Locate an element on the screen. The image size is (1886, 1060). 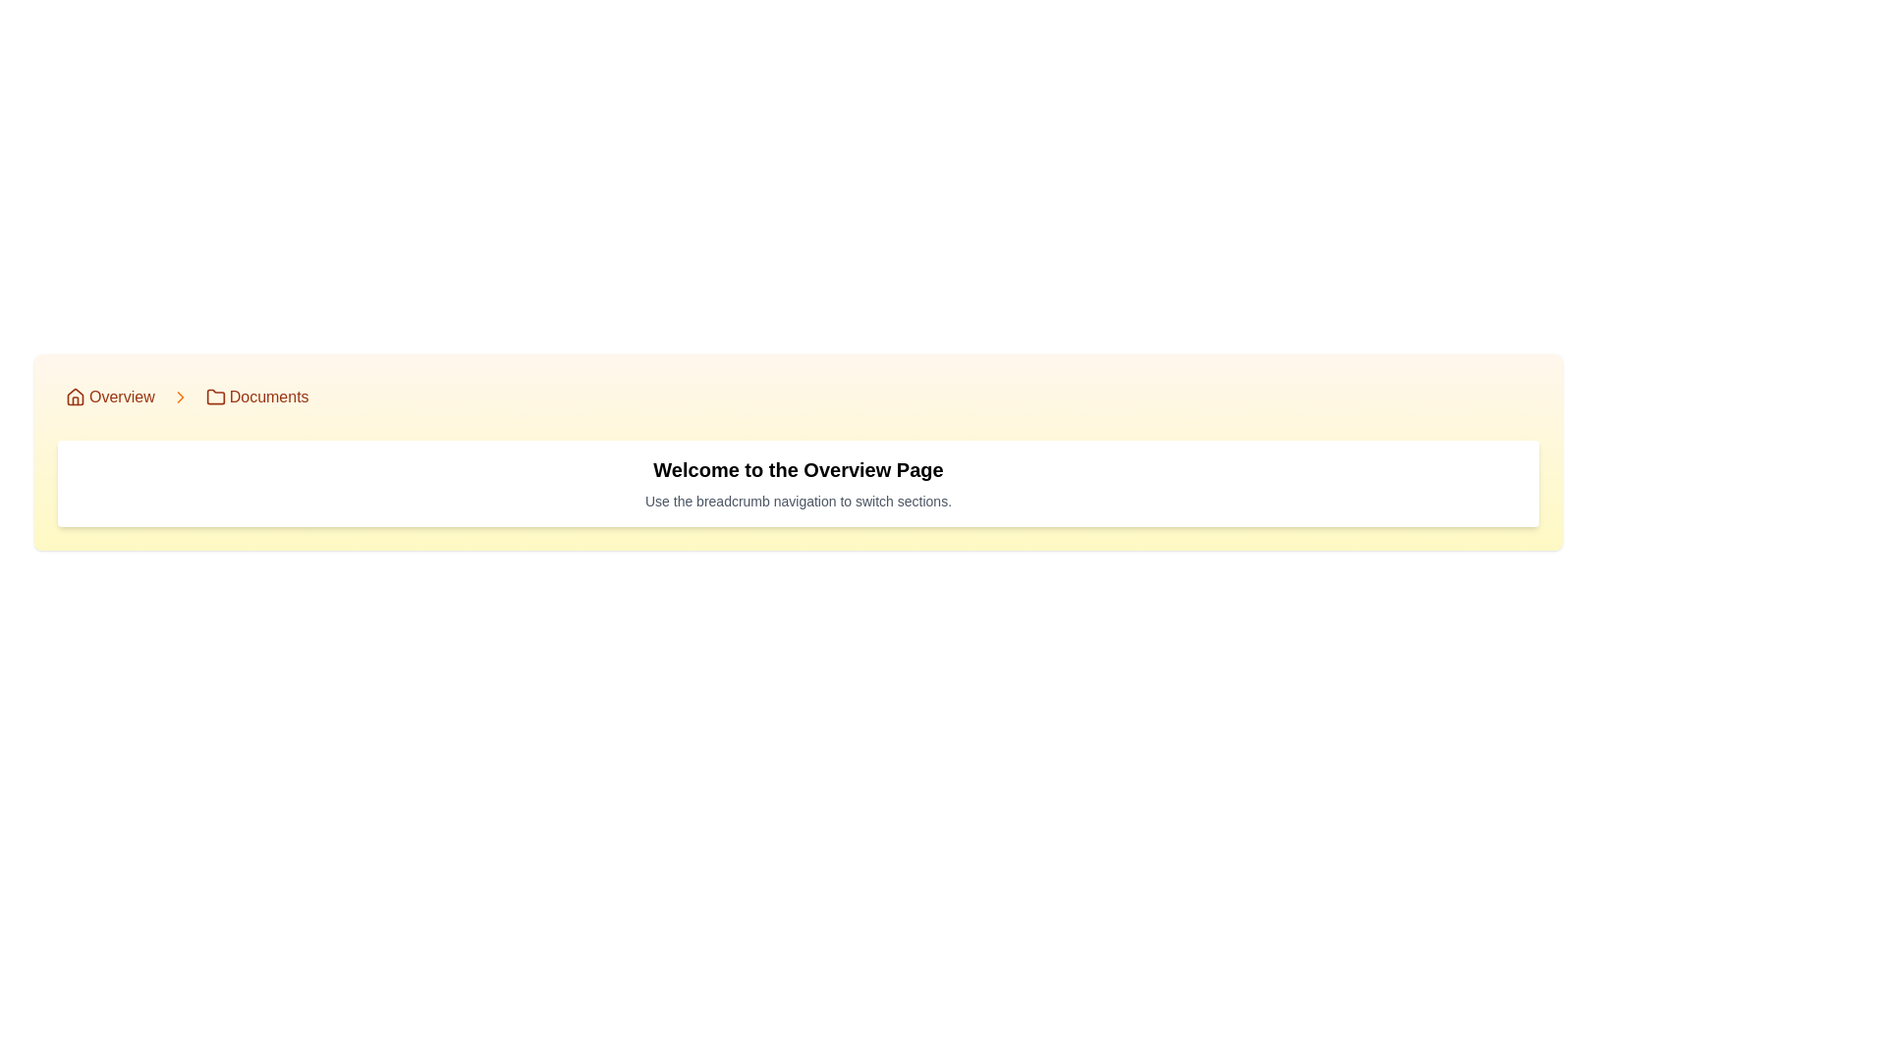
the 'Overview' button, which features a small house icon and bold orange text is located at coordinates (109, 397).